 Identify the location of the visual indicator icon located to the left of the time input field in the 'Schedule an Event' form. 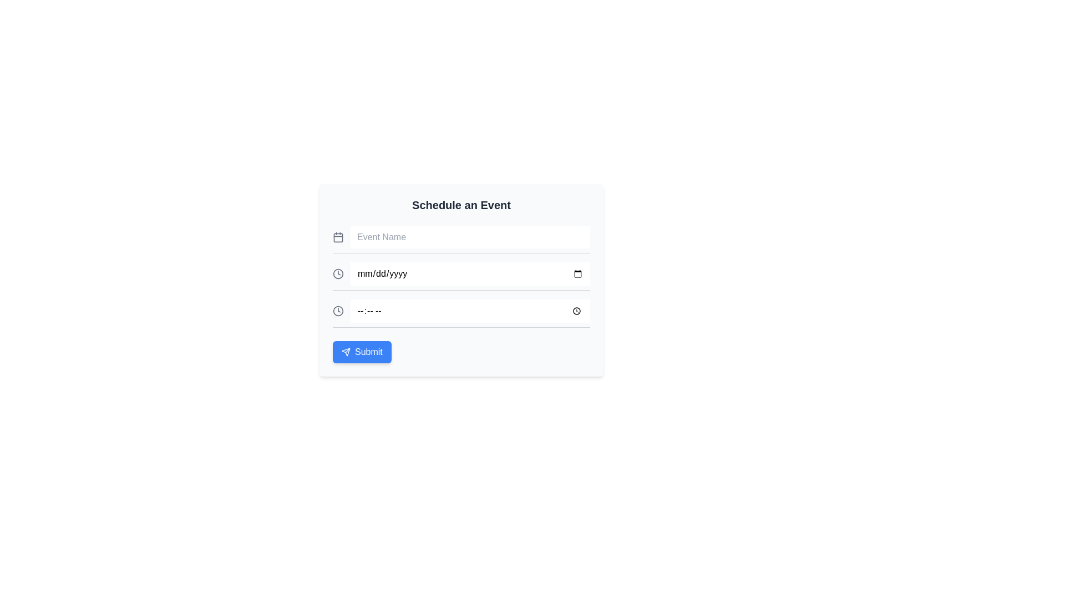
(337, 273).